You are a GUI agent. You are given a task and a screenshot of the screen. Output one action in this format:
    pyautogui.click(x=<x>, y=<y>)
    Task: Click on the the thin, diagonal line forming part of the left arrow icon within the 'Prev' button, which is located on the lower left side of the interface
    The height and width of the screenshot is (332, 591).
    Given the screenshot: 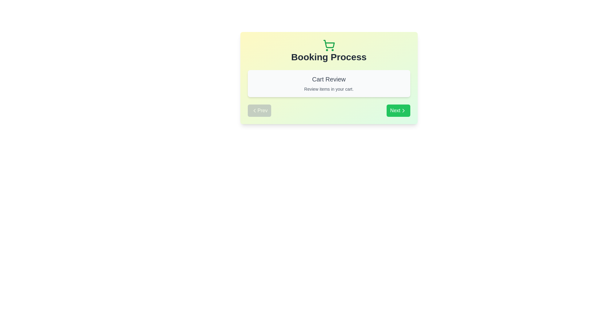 What is the action you would take?
    pyautogui.click(x=254, y=110)
    